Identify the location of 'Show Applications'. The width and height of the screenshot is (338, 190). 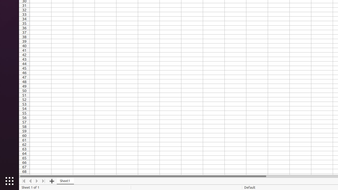
(9, 181).